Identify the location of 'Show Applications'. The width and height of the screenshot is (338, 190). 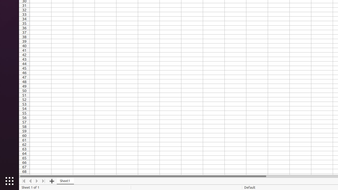
(9, 181).